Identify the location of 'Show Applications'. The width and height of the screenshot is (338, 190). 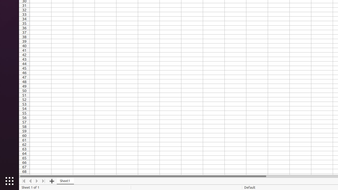
(9, 181).